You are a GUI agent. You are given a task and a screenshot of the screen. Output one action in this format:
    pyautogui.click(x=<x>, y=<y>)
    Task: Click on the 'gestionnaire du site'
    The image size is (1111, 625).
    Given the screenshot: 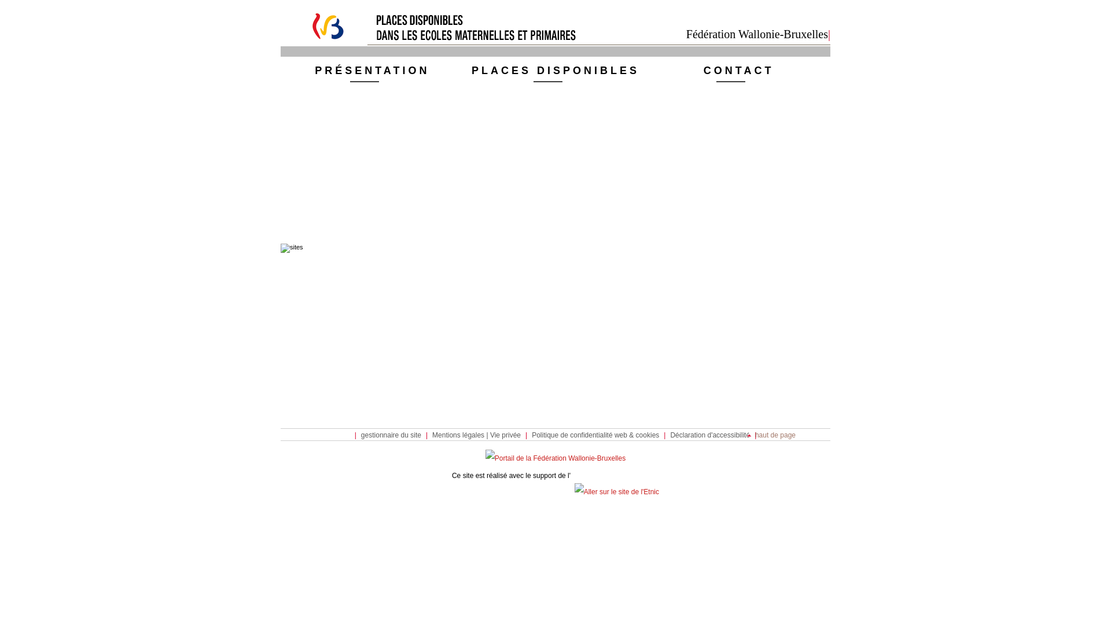 What is the action you would take?
    pyautogui.click(x=391, y=435)
    